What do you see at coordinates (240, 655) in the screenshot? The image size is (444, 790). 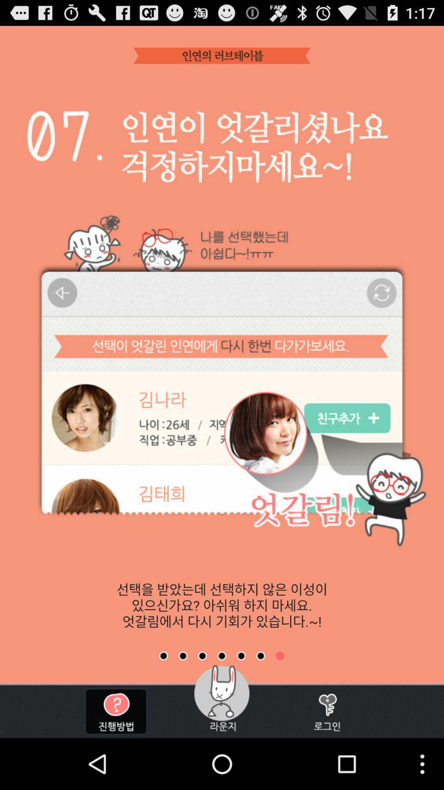 I see `next` at bounding box center [240, 655].